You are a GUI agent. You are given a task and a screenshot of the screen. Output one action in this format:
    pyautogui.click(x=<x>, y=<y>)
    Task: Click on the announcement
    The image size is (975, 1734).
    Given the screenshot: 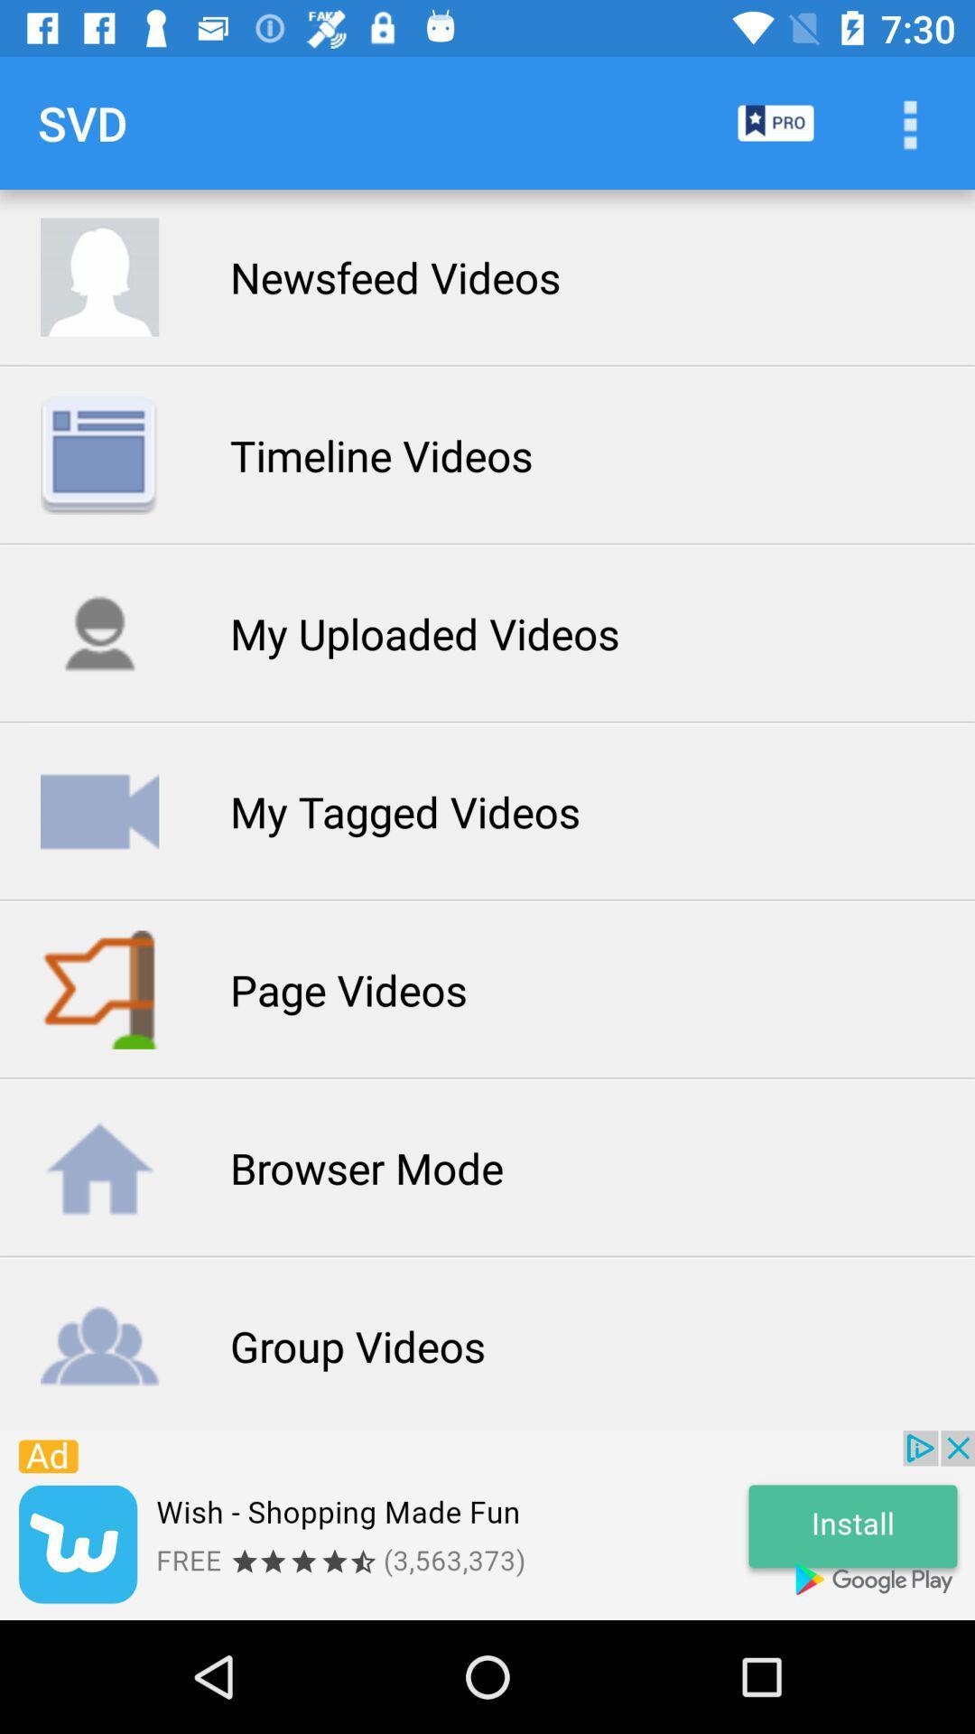 What is the action you would take?
    pyautogui.click(x=487, y=1524)
    